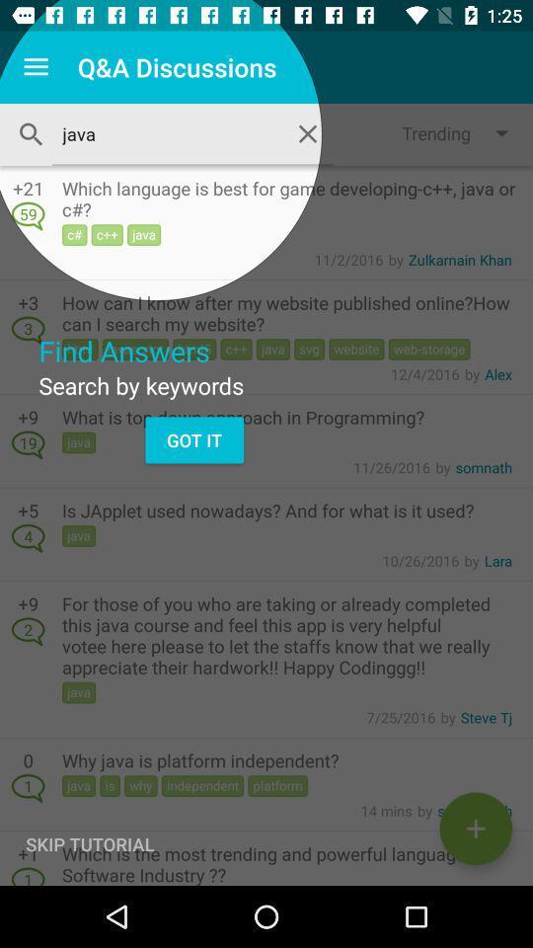 Image resolution: width=533 pixels, height=948 pixels. What do you see at coordinates (308, 132) in the screenshot?
I see `the close icon` at bounding box center [308, 132].